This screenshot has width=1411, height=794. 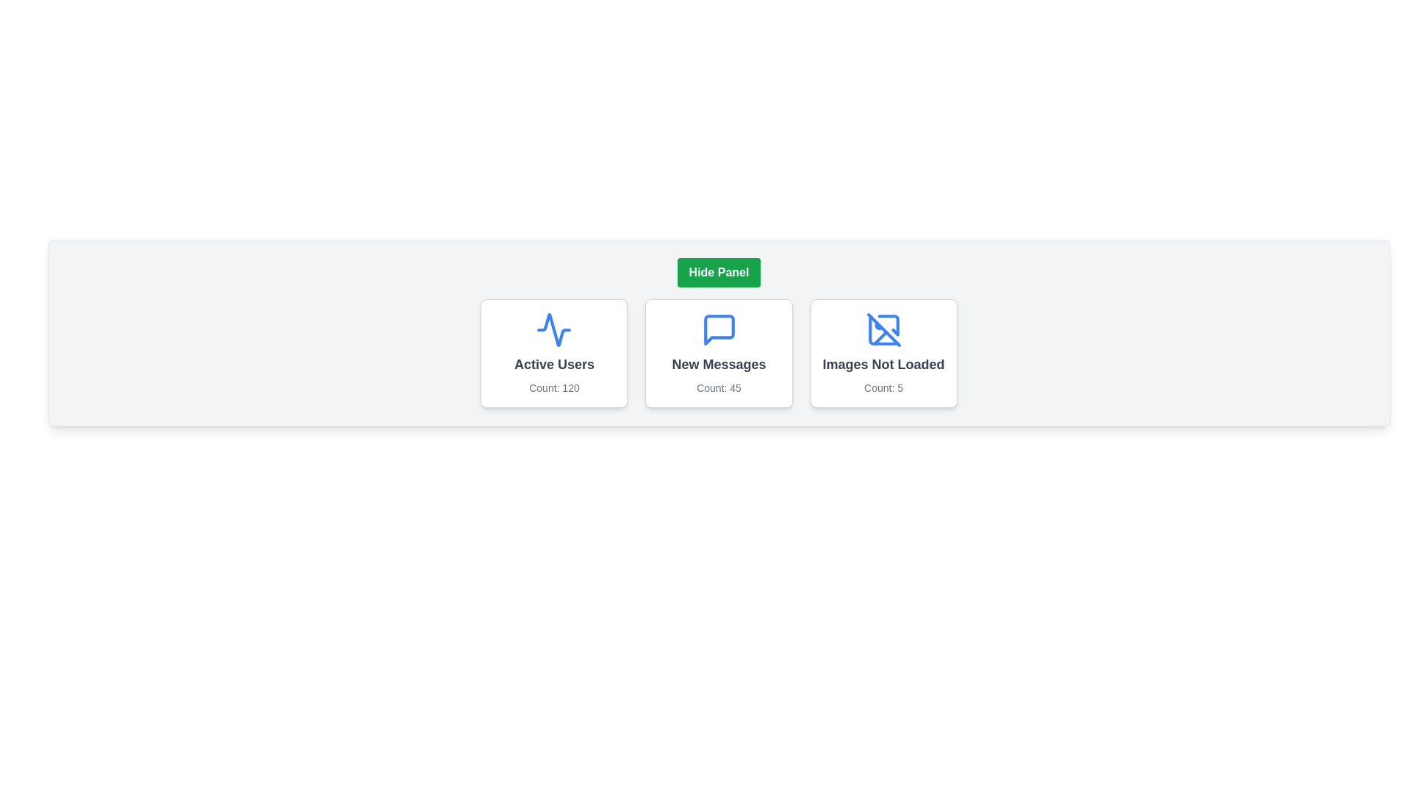 What do you see at coordinates (553, 387) in the screenshot?
I see `the static text label that displays the number of 'Active Users', positioned centrally beneath the 'Active Users' label within the card` at bounding box center [553, 387].